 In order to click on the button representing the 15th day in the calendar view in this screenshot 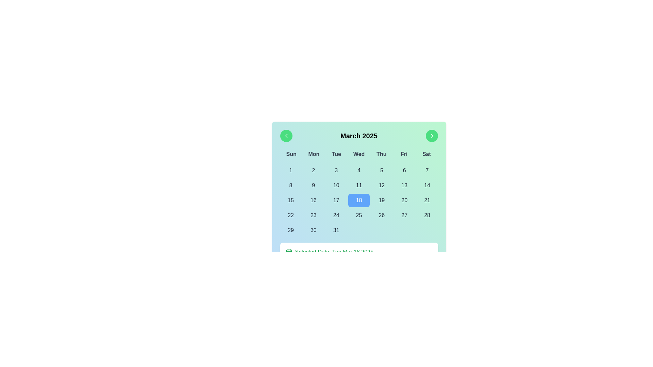, I will do `click(290, 200)`.